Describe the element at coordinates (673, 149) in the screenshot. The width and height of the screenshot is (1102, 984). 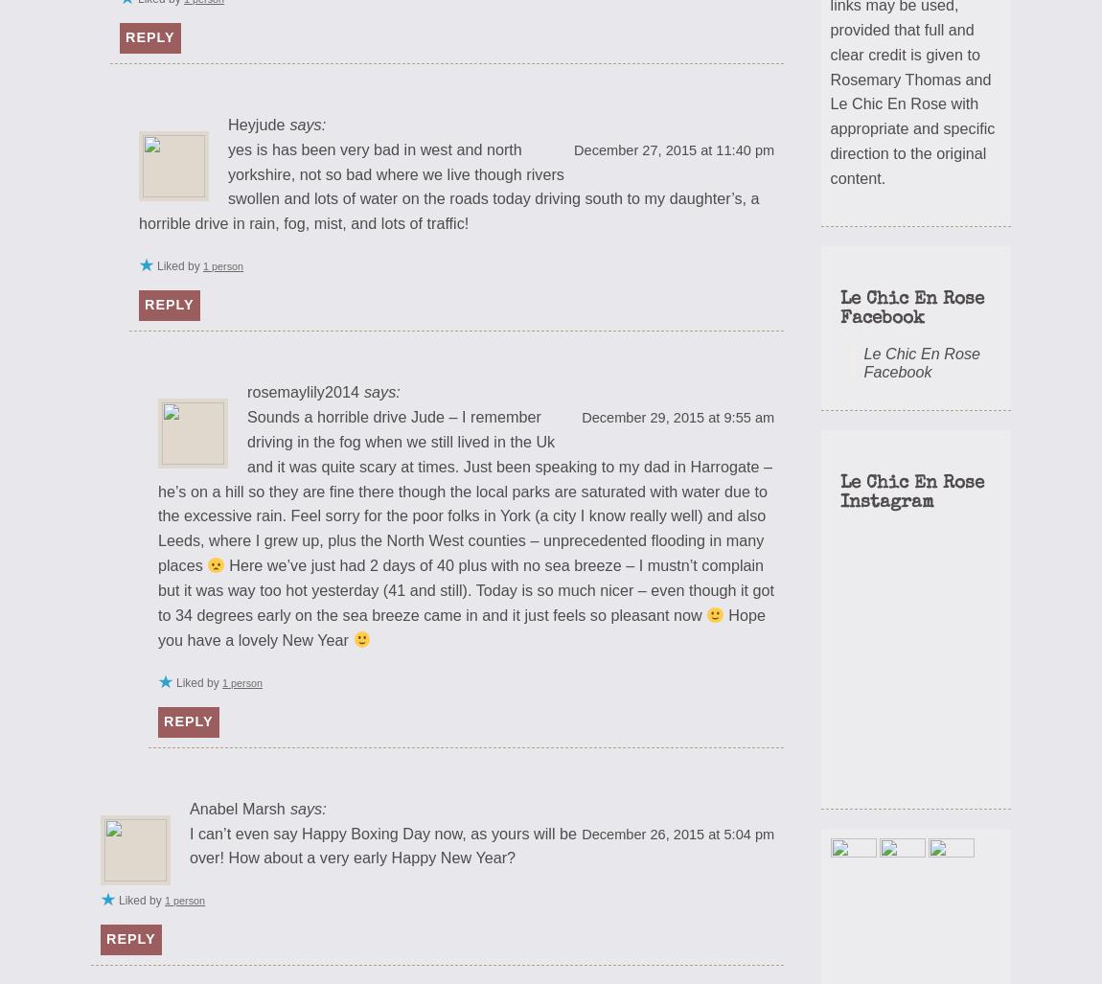
I see `'December 27, 2015 at 11:40 pm'` at that location.